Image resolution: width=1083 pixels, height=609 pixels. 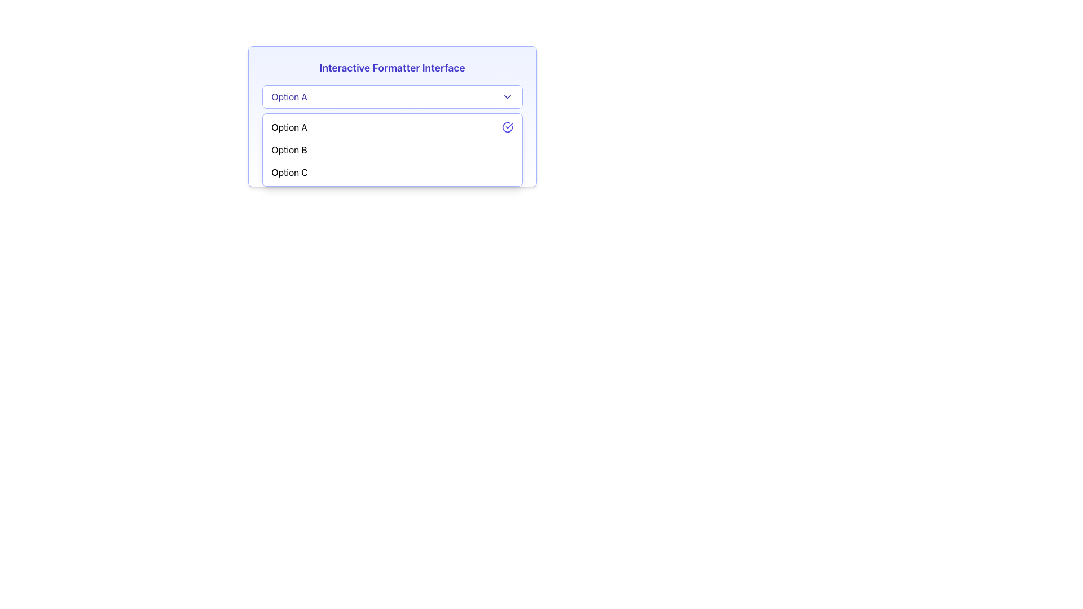 I want to click on the chevron icon located at the rightmost position of the dropdown menu labeled 'Option A', so click(x=507, y=96).